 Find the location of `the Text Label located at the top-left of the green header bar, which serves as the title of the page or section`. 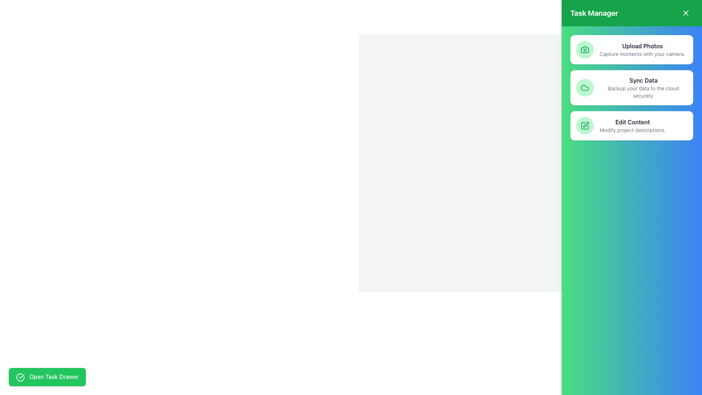

the Text Label located at the top-left of the green header bar, which serves as the title of the page or section is located at coordinates (594, 13).